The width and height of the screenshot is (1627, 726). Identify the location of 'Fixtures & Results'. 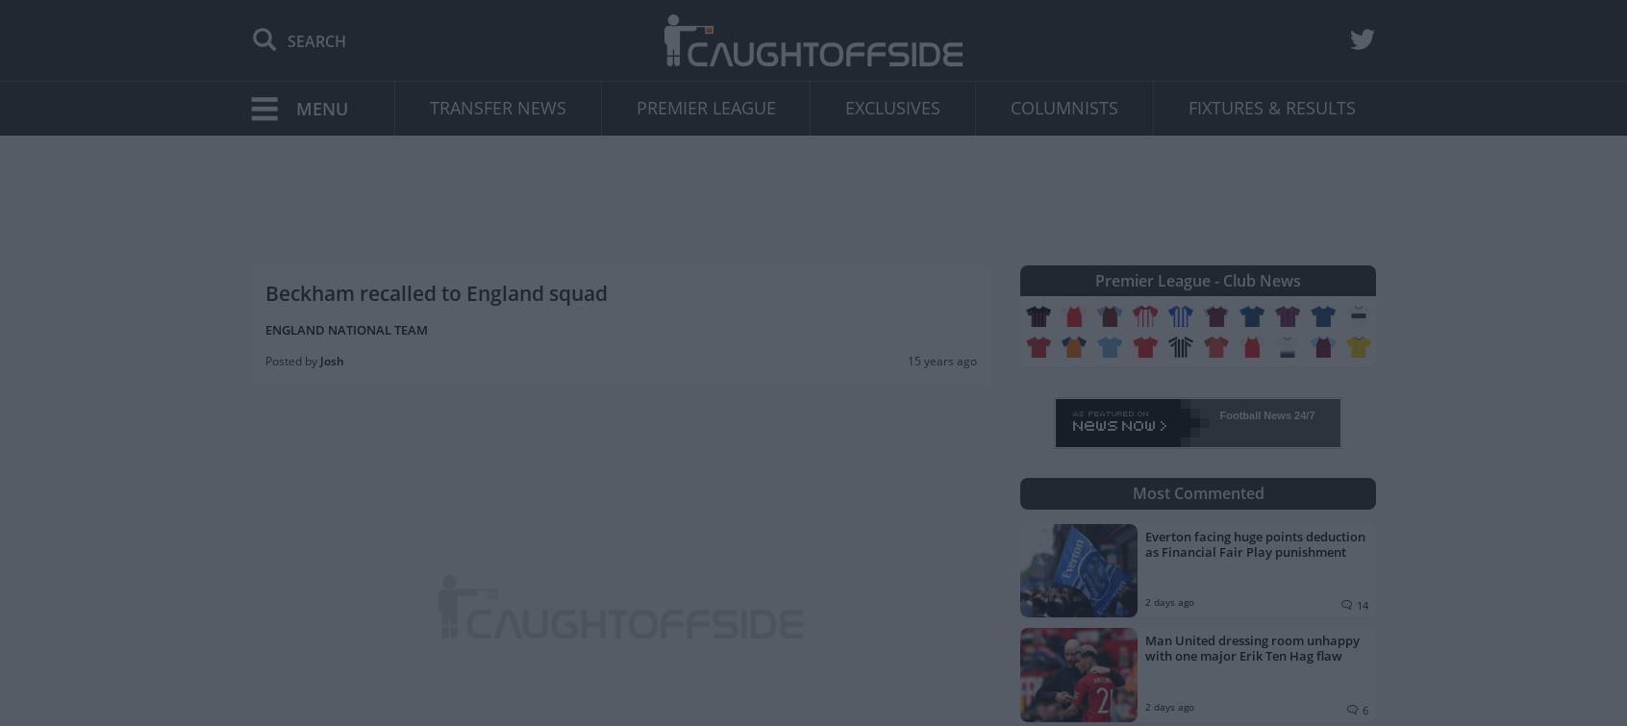
(1270, 107).